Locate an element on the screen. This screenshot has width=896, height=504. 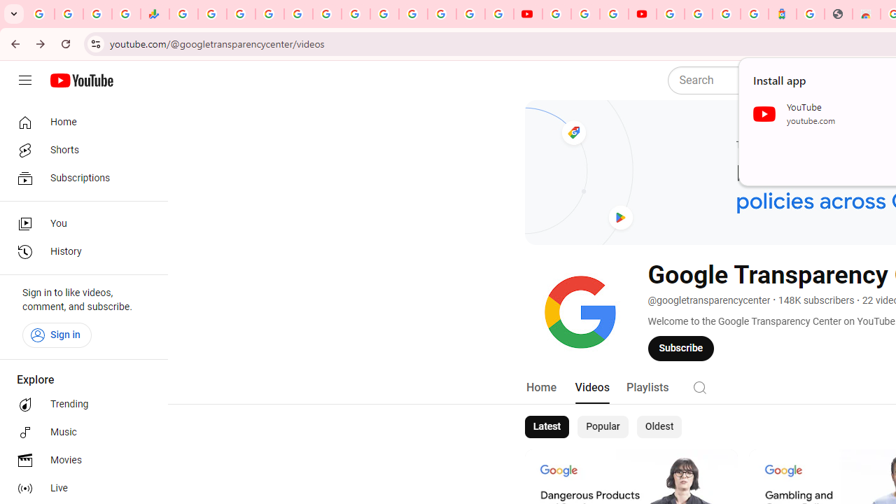
'Chrome Web Store - Household' is located at coordinates (866, 14).